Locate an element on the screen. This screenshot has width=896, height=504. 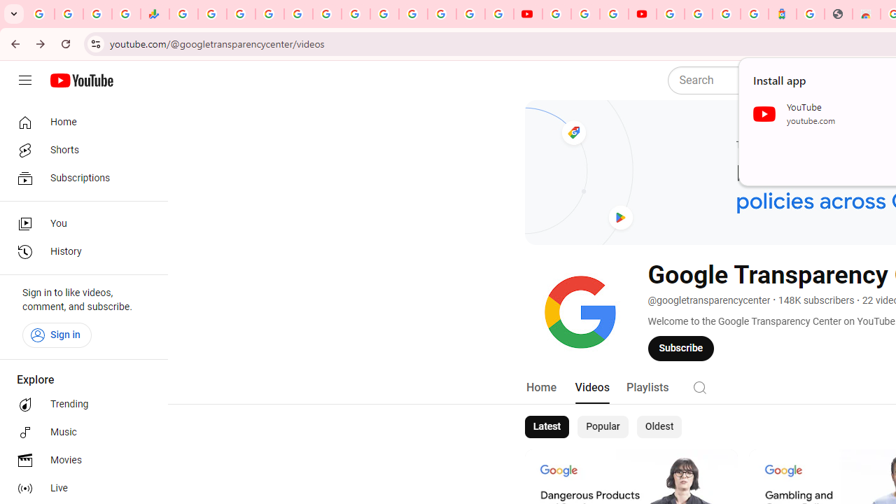
'Chrome Web Store - Household' is located at coordinates (866, 14).